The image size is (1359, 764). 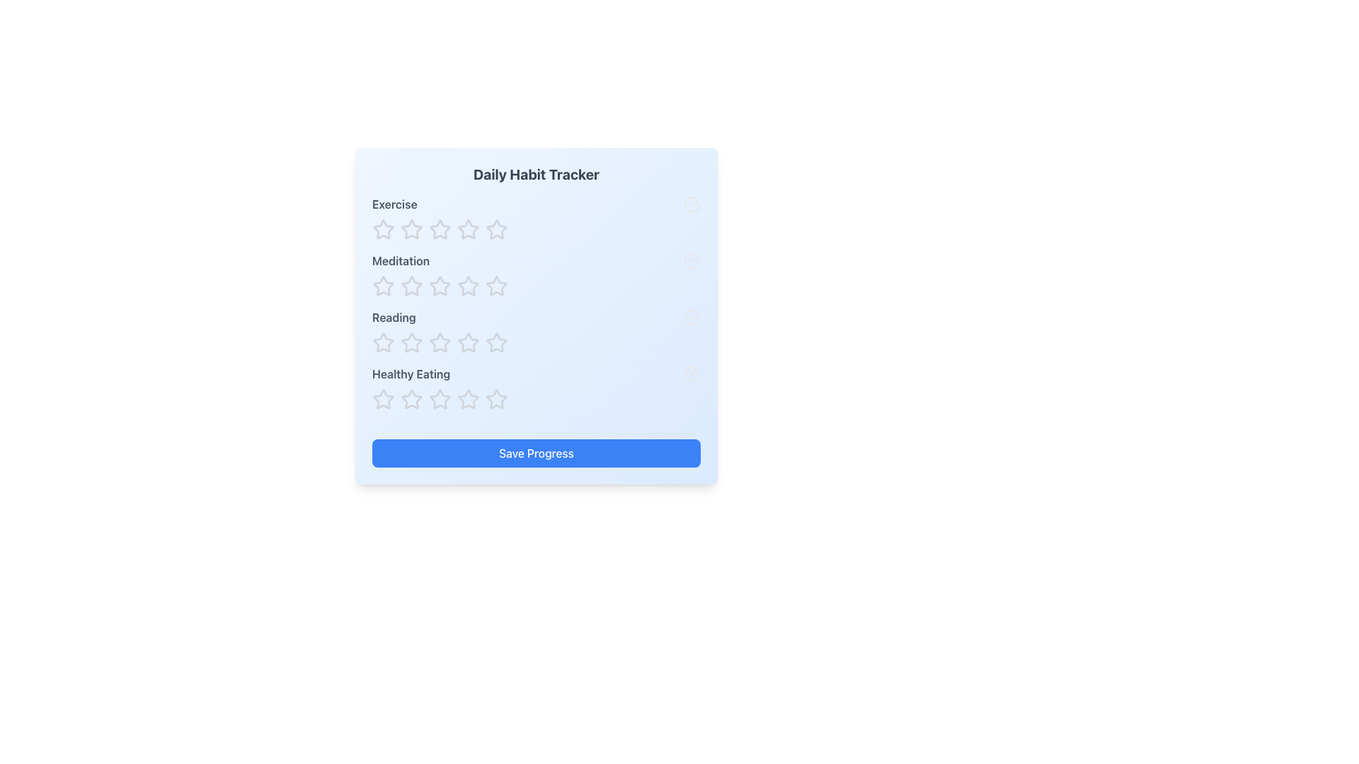 What do you see at coordinates (496, 228) in the screenshot?
I see `the second star in the horizontal row of stars for the 'Exercise' activity rating, located below the 'Daily Habit Tracker' title to provide a rating` at bounding box center [496, 228].